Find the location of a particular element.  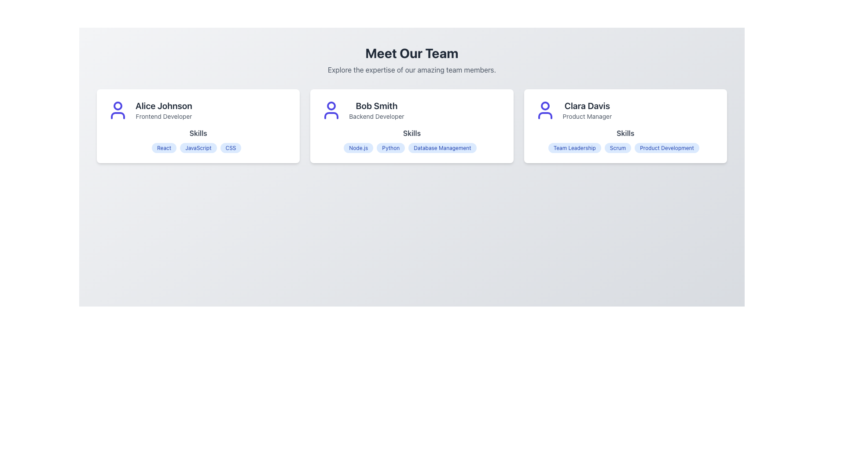

the 'Scrum' skill tag in the Skills section of Clara Davis's card is located at coordinates (625, 140).